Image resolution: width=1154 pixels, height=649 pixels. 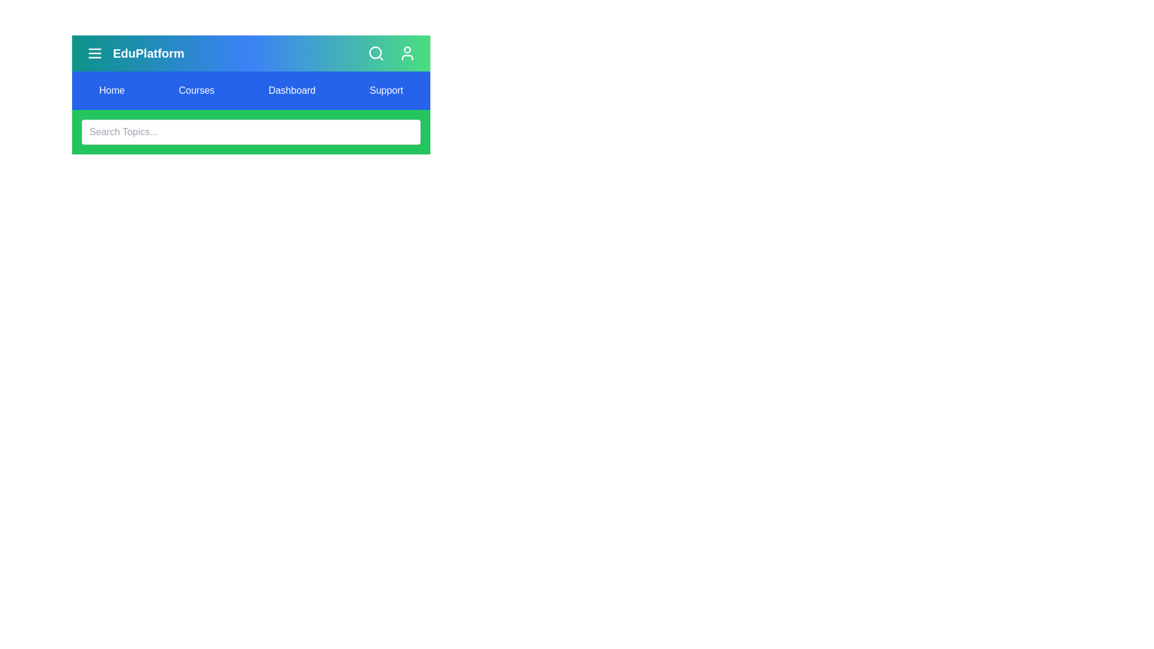 I want to click on the menu item Support from the navigation bar, so click(x=386, y=90).